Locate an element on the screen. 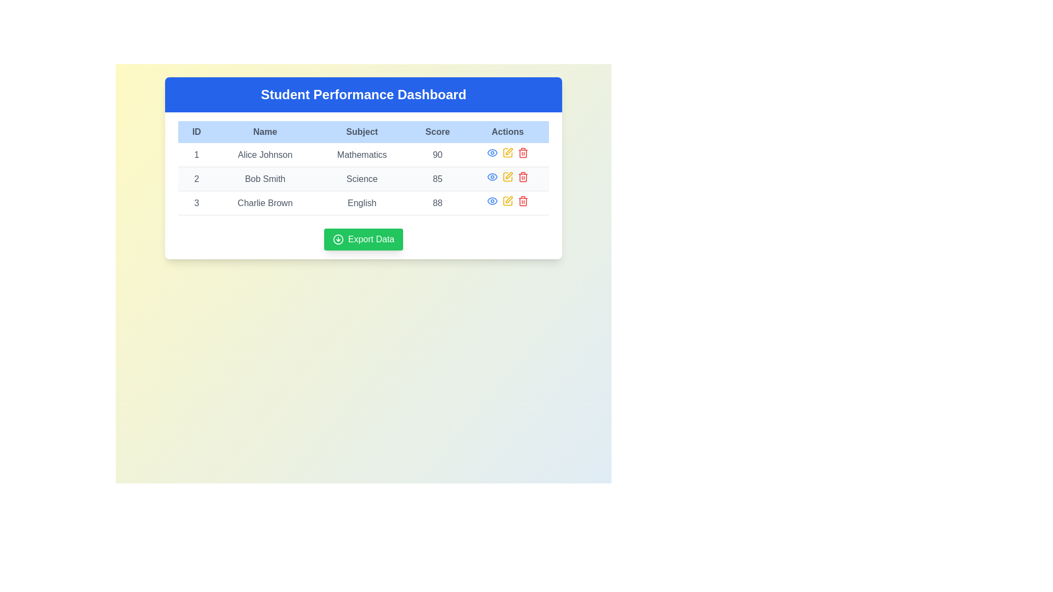  the blue rounded eye icon in the Actions column of the third row is located at coordinates (491, 201).